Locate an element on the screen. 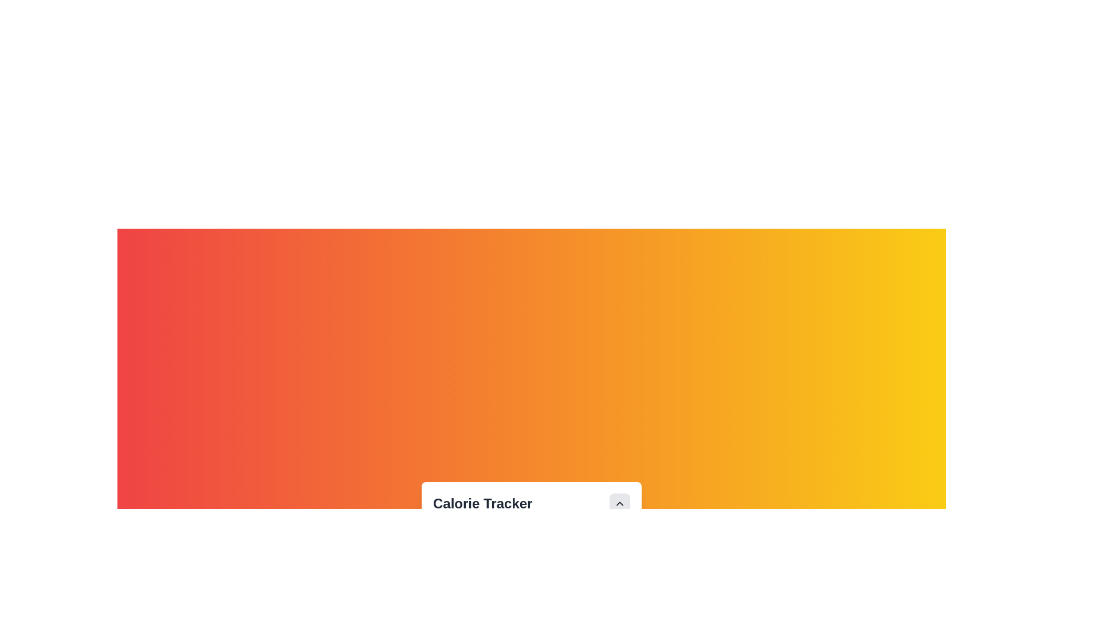 The image size is (1100, 619). the upward-facing chevron icon located at the bottom-right of the main interface, which is nested within a rounded rectangle area is located at coordinates (619, 503).